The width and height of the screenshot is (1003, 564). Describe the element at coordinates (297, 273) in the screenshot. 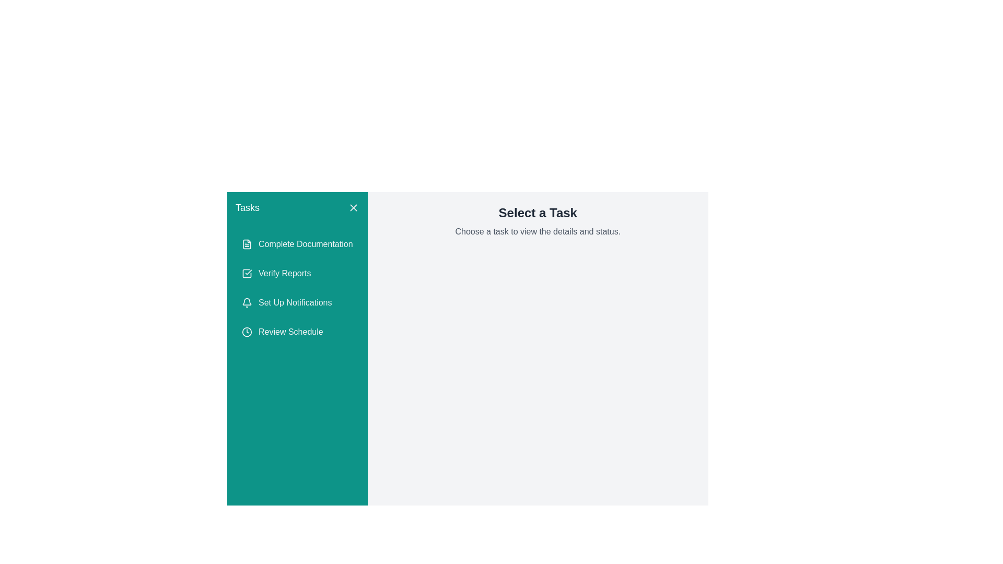

I see `the button for verifying reports located in the left-side navigation panel, positioned below the 'Complete Documentation' button and above the 'Set Up Notifications' button` at that location.